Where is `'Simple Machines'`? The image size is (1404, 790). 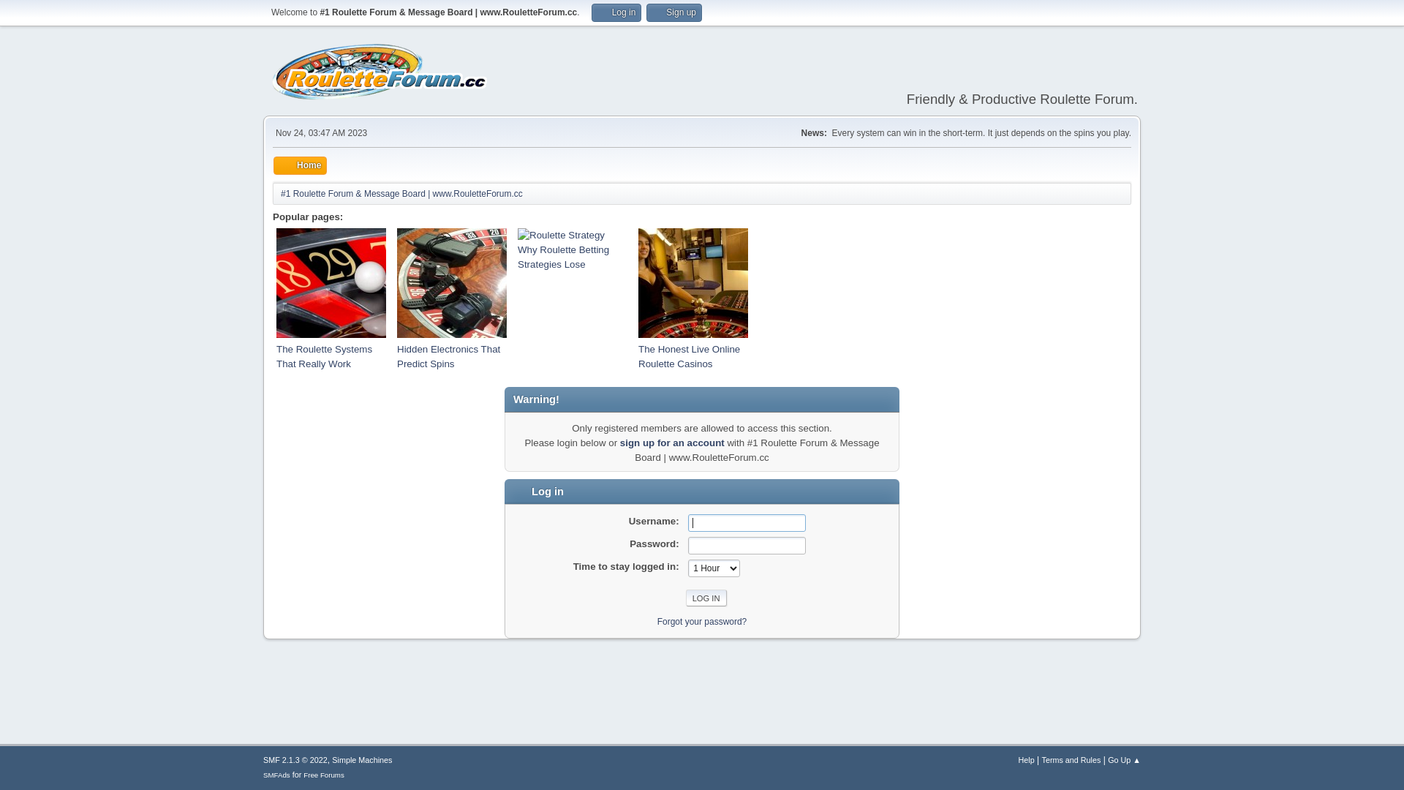 'Simple Machines' is located at coordinates (361, 759).